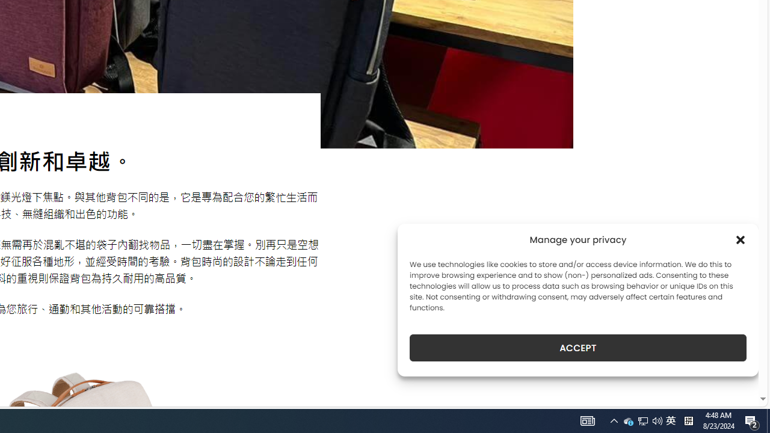 This screenshot has width=770, height=433. I want to click on 'ACCEPT', so click(578, 348).